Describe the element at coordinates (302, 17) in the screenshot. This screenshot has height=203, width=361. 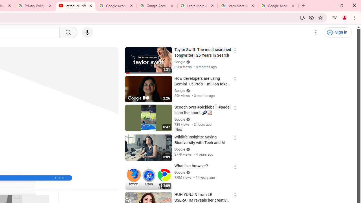
I see `'Install YouTube'` at that location.